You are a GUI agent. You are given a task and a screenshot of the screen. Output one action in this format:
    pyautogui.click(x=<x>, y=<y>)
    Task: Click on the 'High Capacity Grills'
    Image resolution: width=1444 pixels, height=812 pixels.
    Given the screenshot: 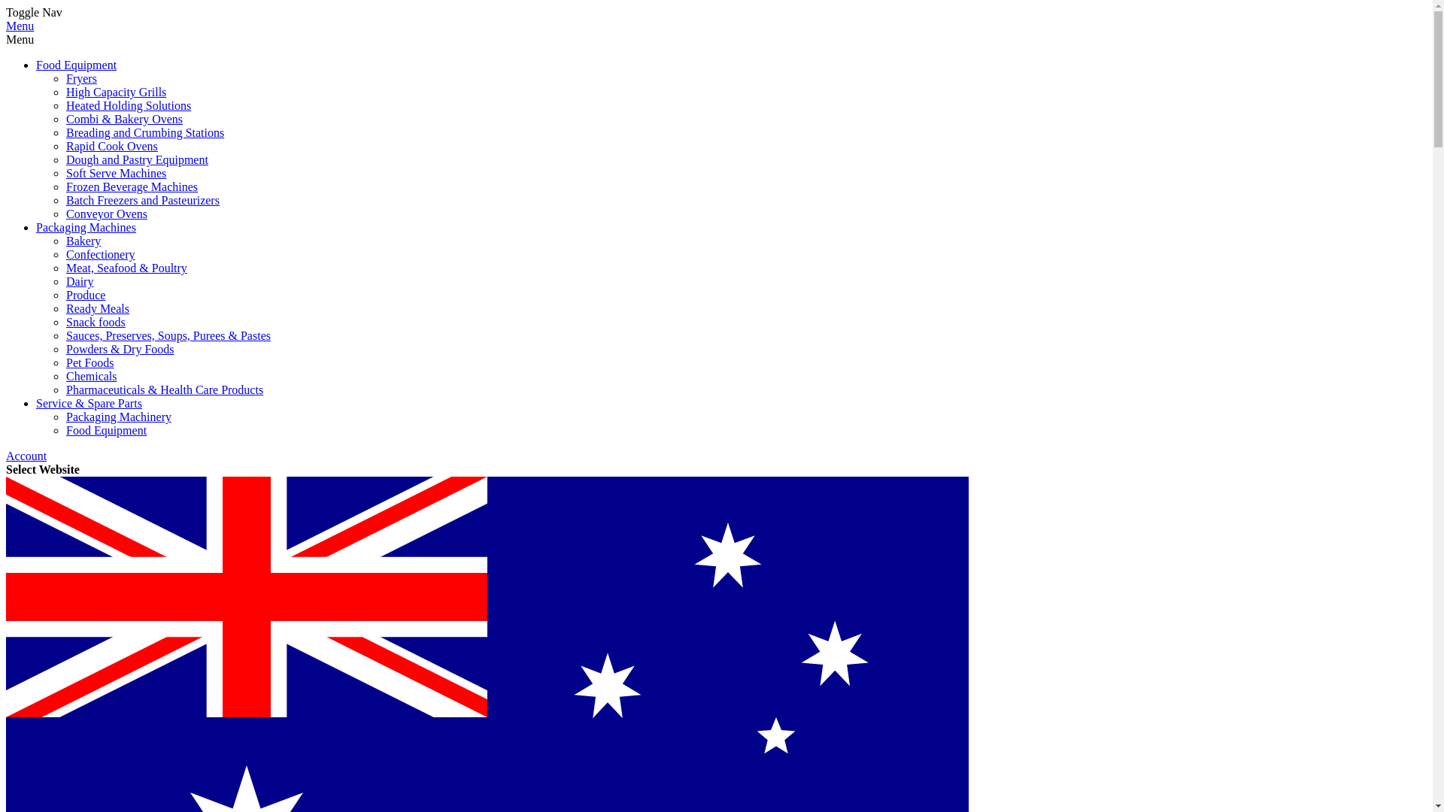 What is the action you would take?
    pyautogui.click(x=115, y=92)
    